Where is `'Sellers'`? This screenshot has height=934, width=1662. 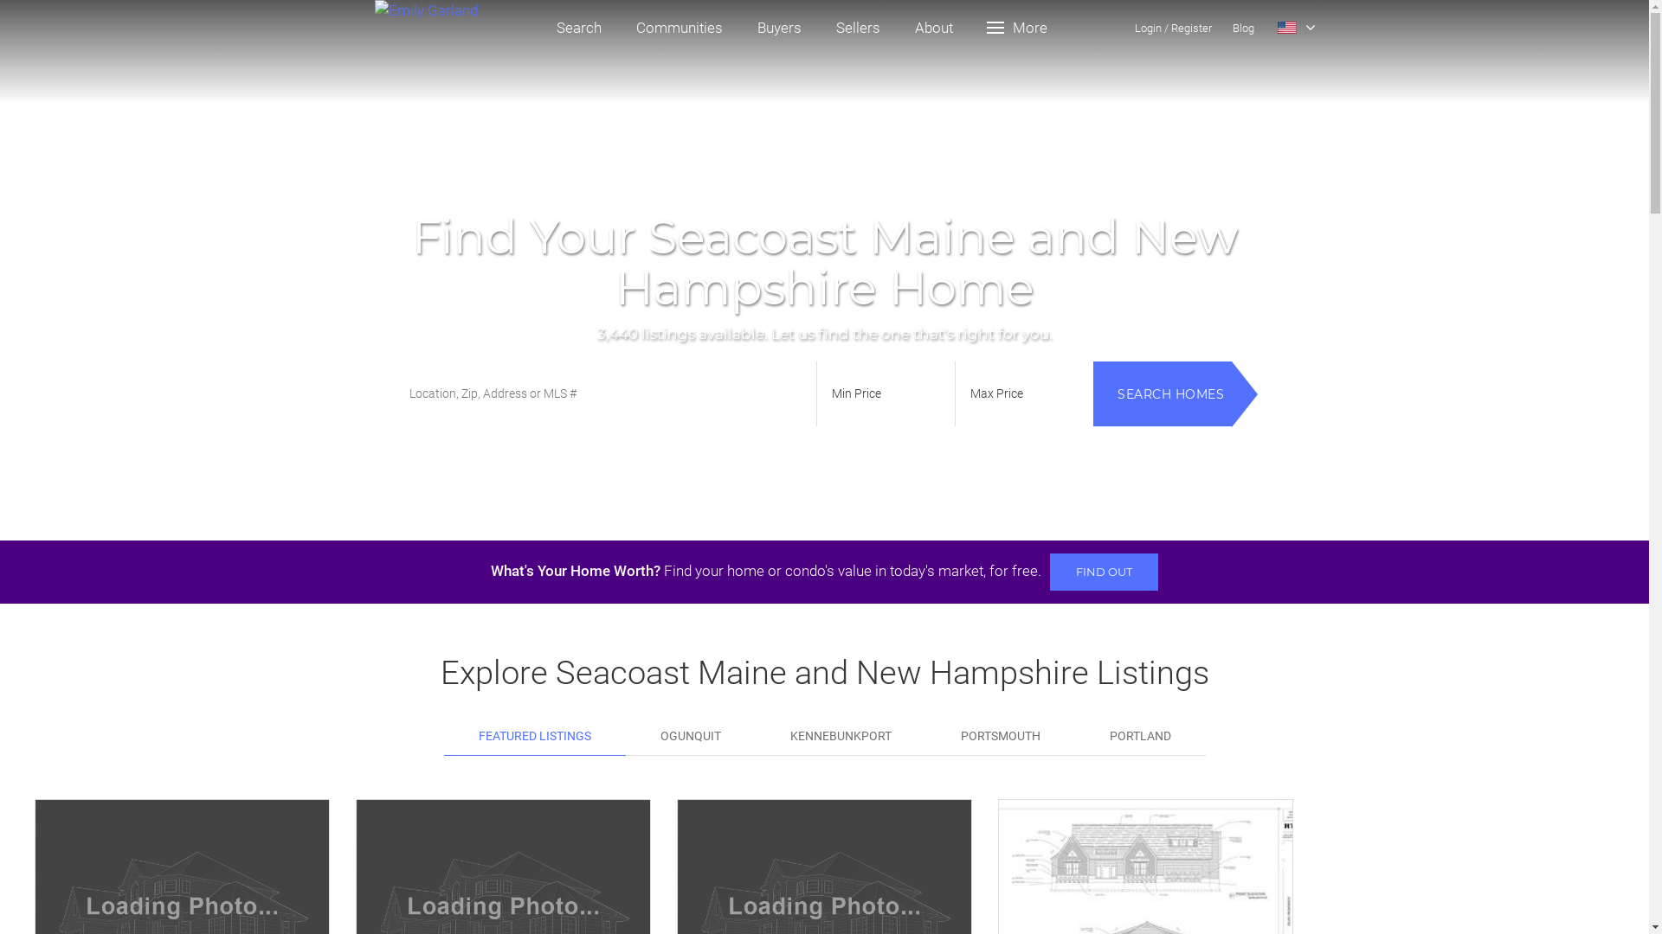 'Sellers' is located at coordinates (817, 28).